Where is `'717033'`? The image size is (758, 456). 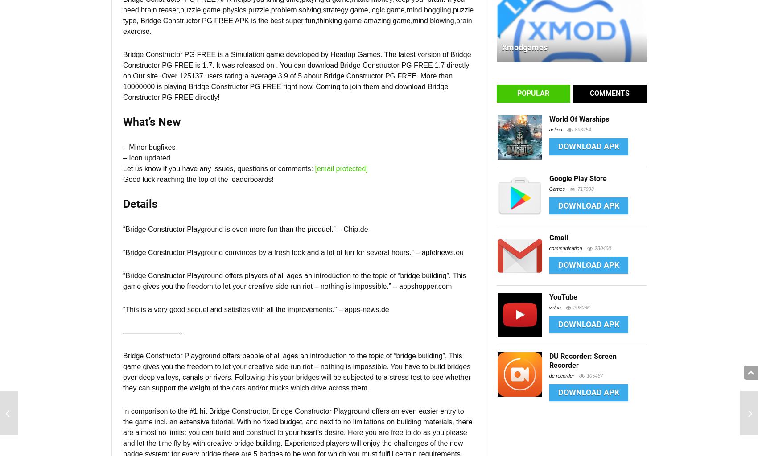 '717033' is located at coordinates (585, 189).